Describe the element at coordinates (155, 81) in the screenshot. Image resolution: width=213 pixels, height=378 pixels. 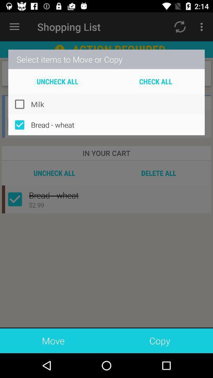
I see `the icon next to uncheck all item` at that location.